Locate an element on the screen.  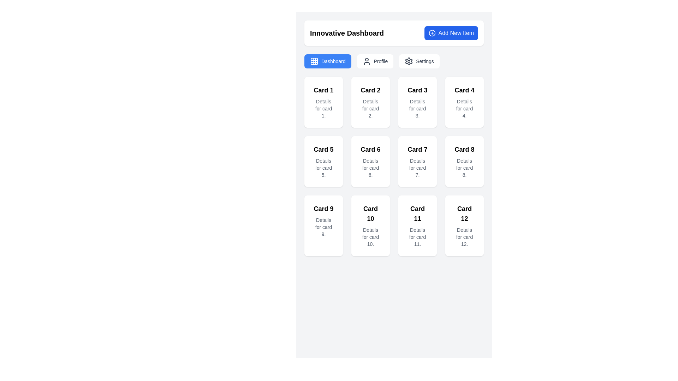
the central blue rounded square icon in the 3x3 grid layout, positioned near the top of the page, left of the 'Profile' and 'Settings' buttons is located at coordinates (314, 61).